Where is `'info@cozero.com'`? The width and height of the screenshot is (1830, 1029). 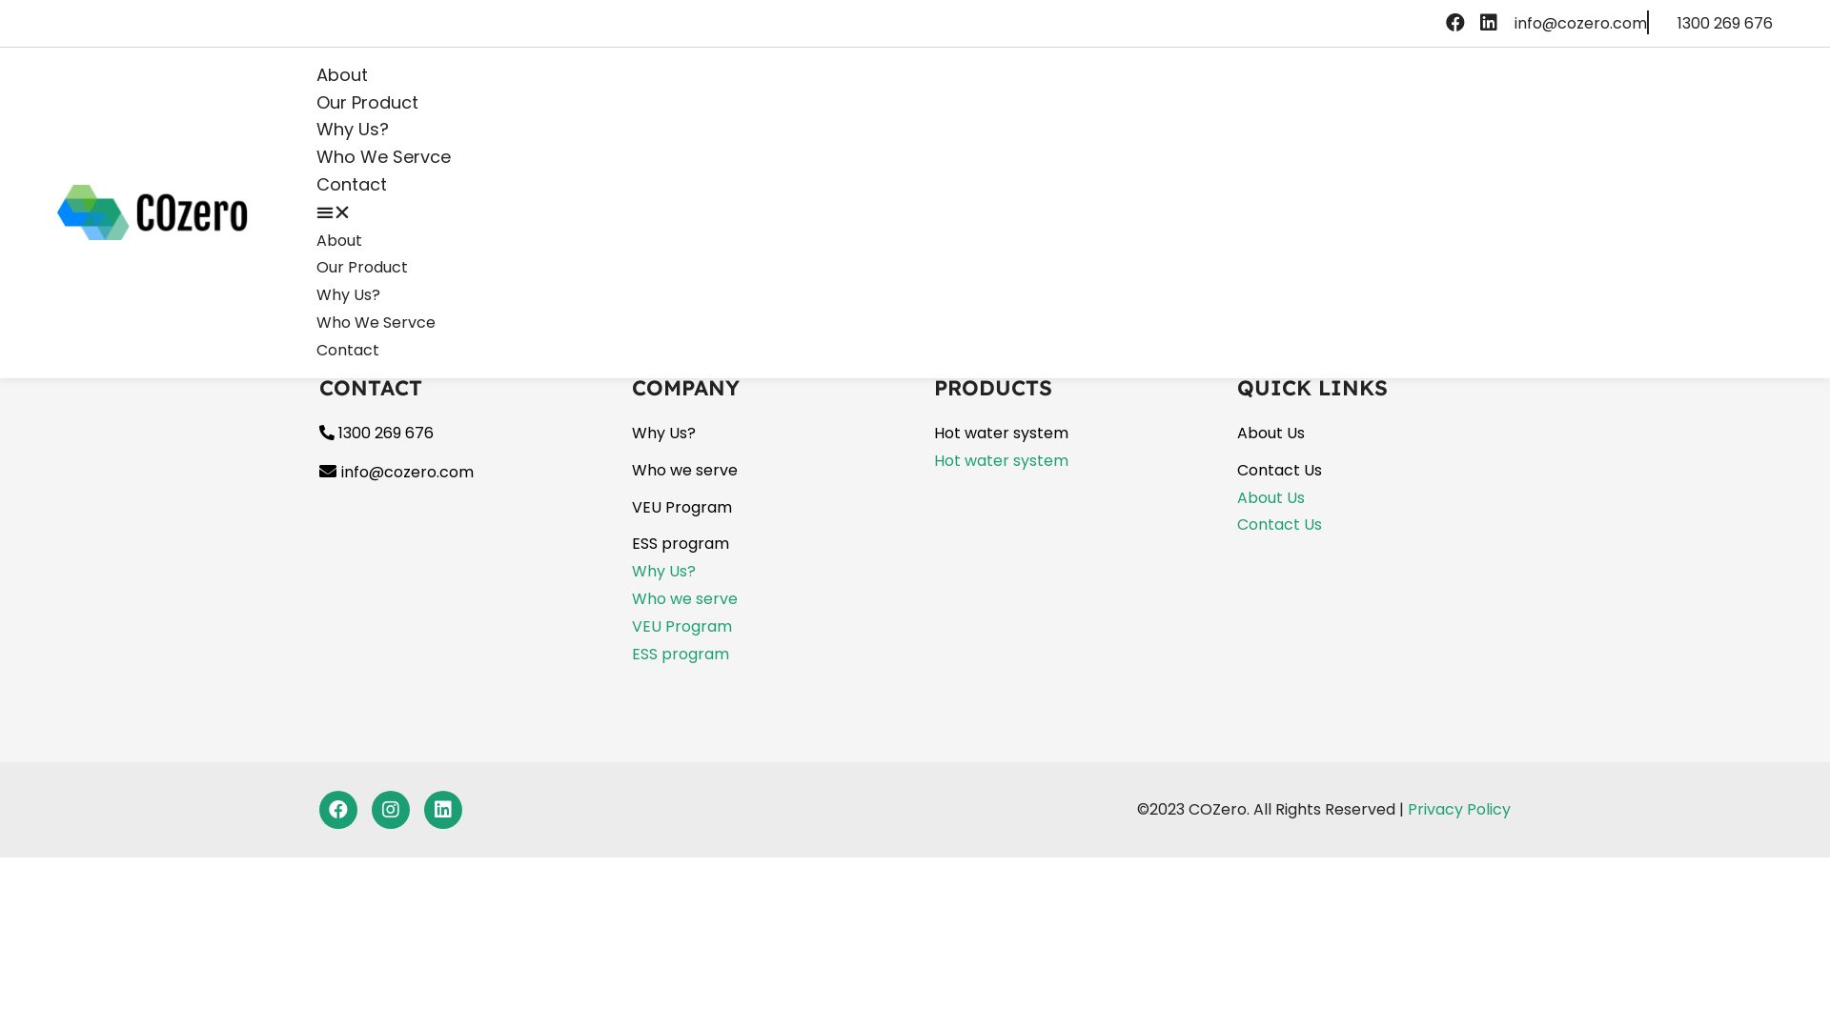
'info@cozero.com' is located at coordinates (1580, 23).